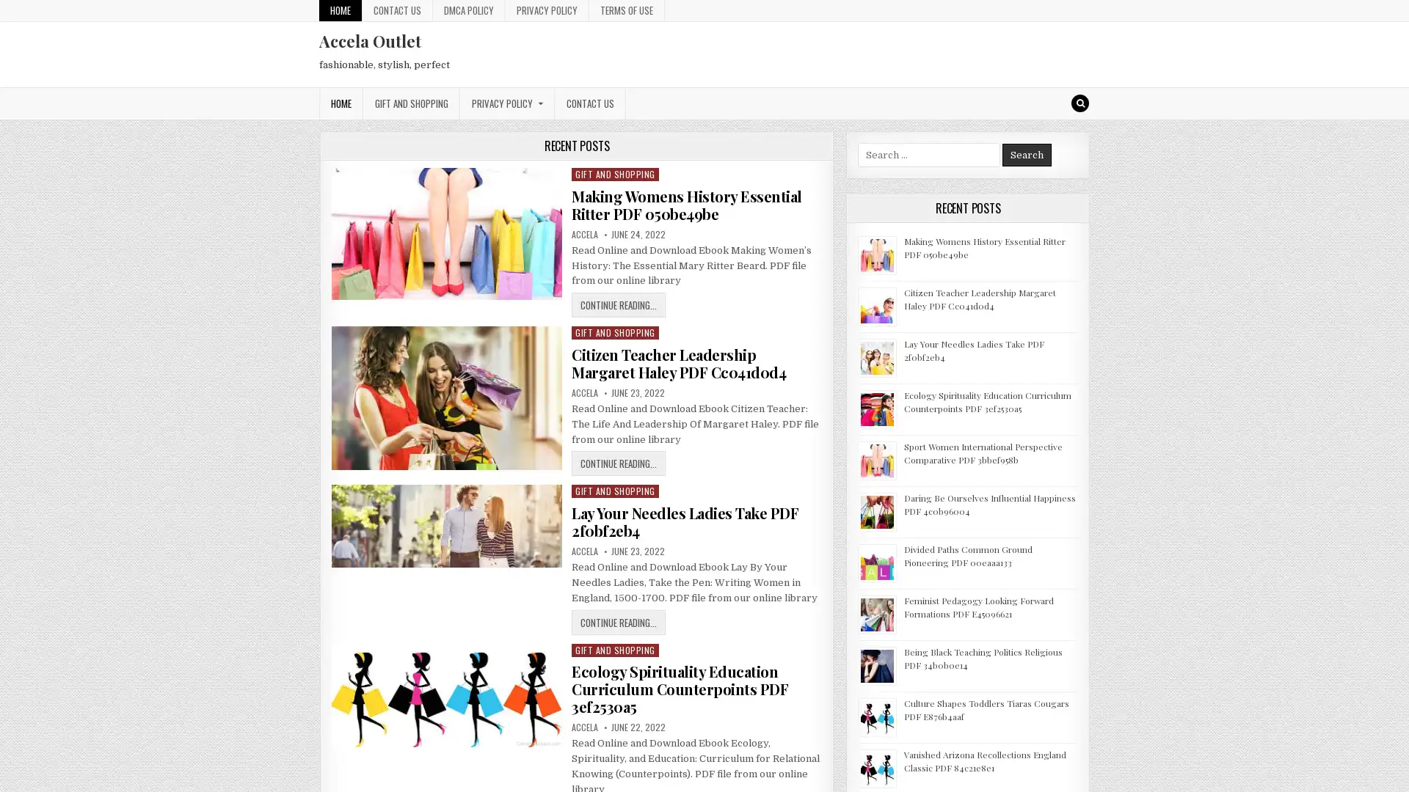 The image size is (1409, 792). I want to click on Search, so click(1026, 155).